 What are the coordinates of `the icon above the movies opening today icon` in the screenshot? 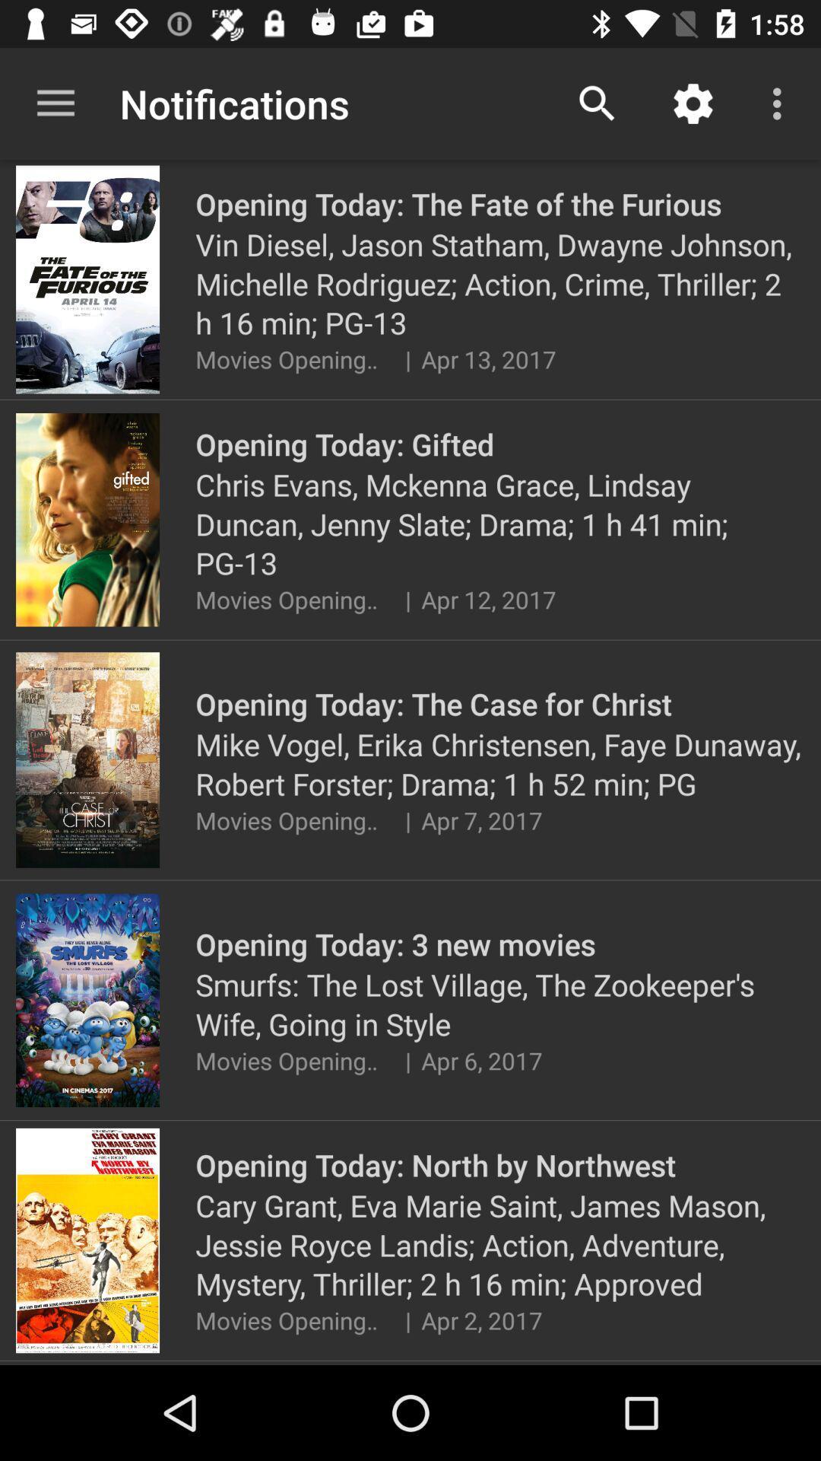 It's located at (500, 1244).